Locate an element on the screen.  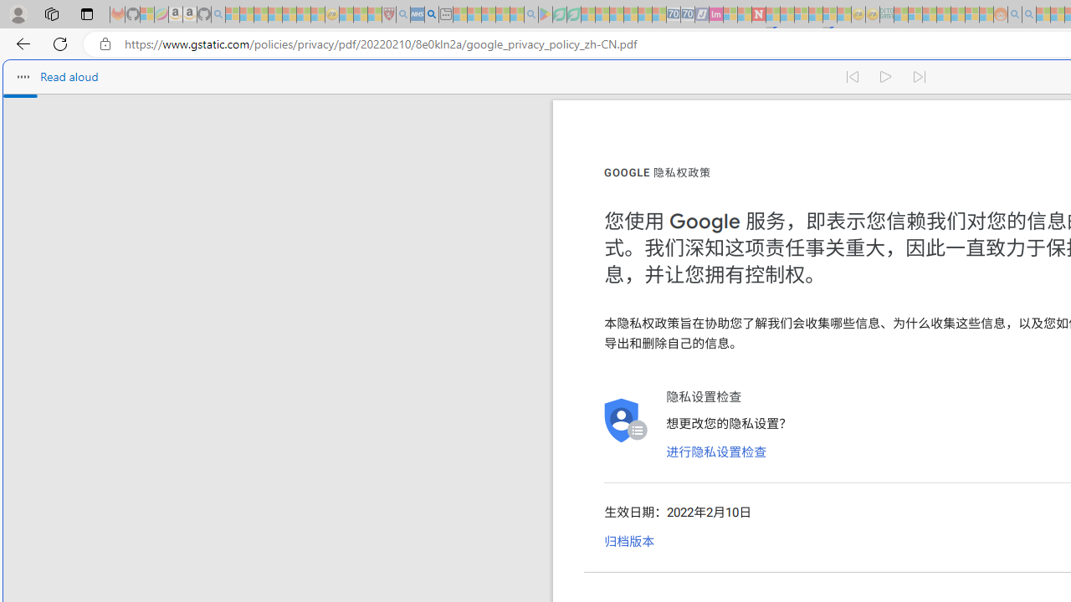
'Expert Portfolios - Sleeping' is located at coordinates (944, 14).